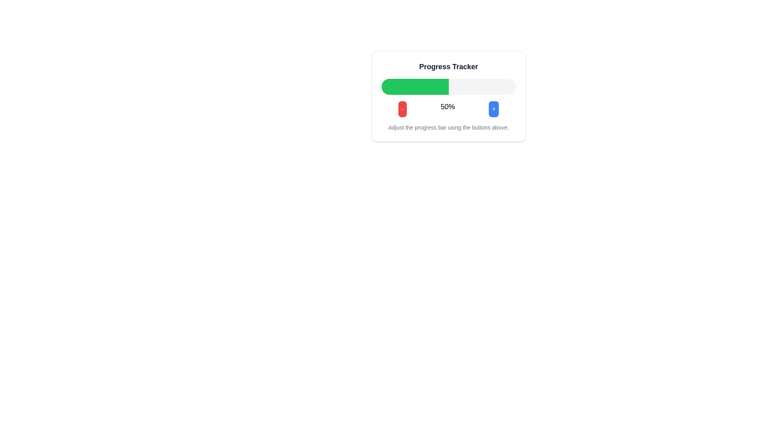  Describe the element at coordinates (493, 109) in the screenshot. I see `the blue circular button with a white plus sign located in the bottom-right section of the progress control interface` at that location.